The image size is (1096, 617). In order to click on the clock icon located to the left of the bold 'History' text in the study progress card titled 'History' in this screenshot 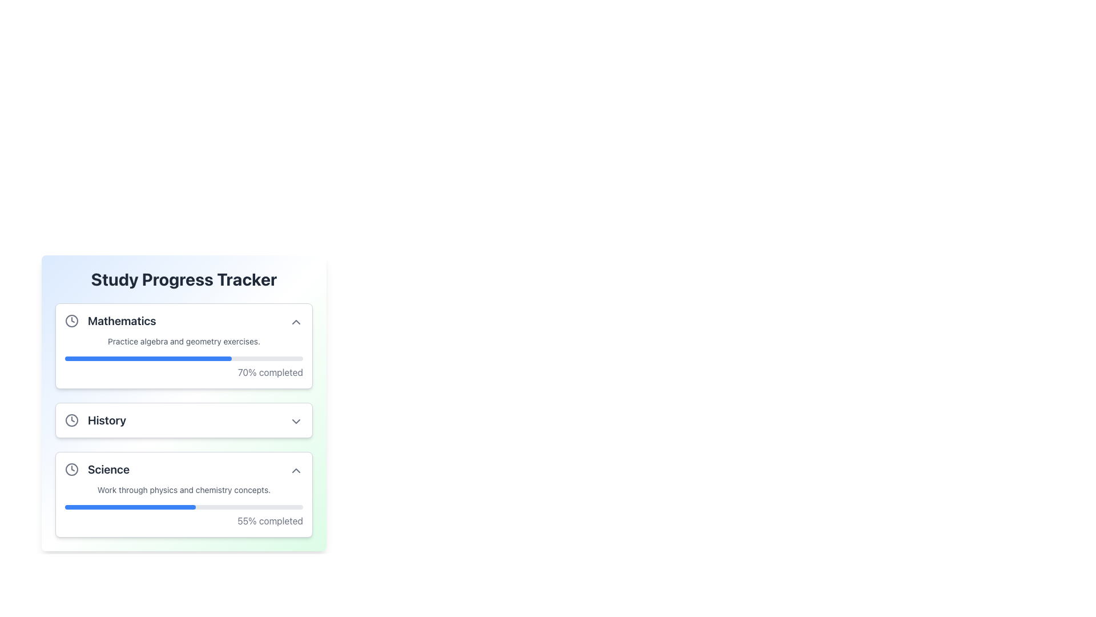, I will do `click(95, 420)`.